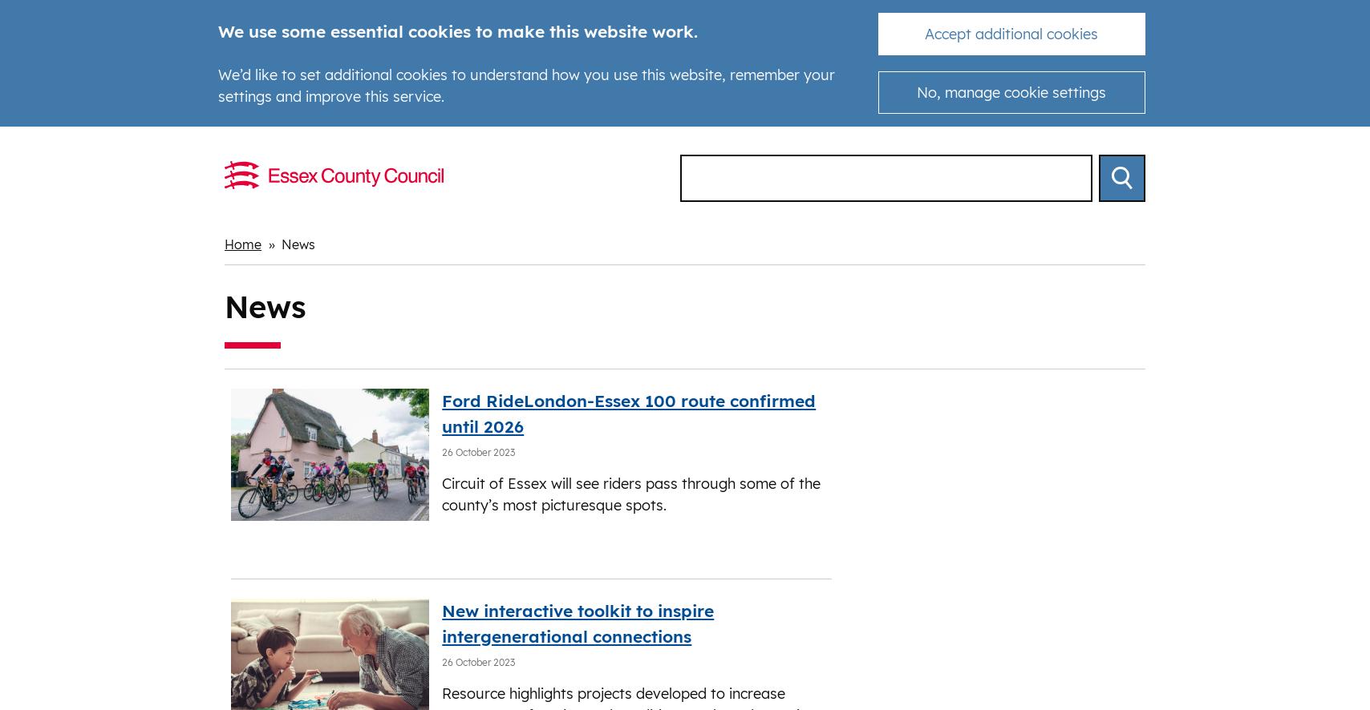 The height and width of the screenshot is (710, 1370). Describe the element at coordinates (631, 494) in the screenshot. I see `'Circuit of Essex will see riders pass through some of the county’s most picturesque spots.'` at that location.